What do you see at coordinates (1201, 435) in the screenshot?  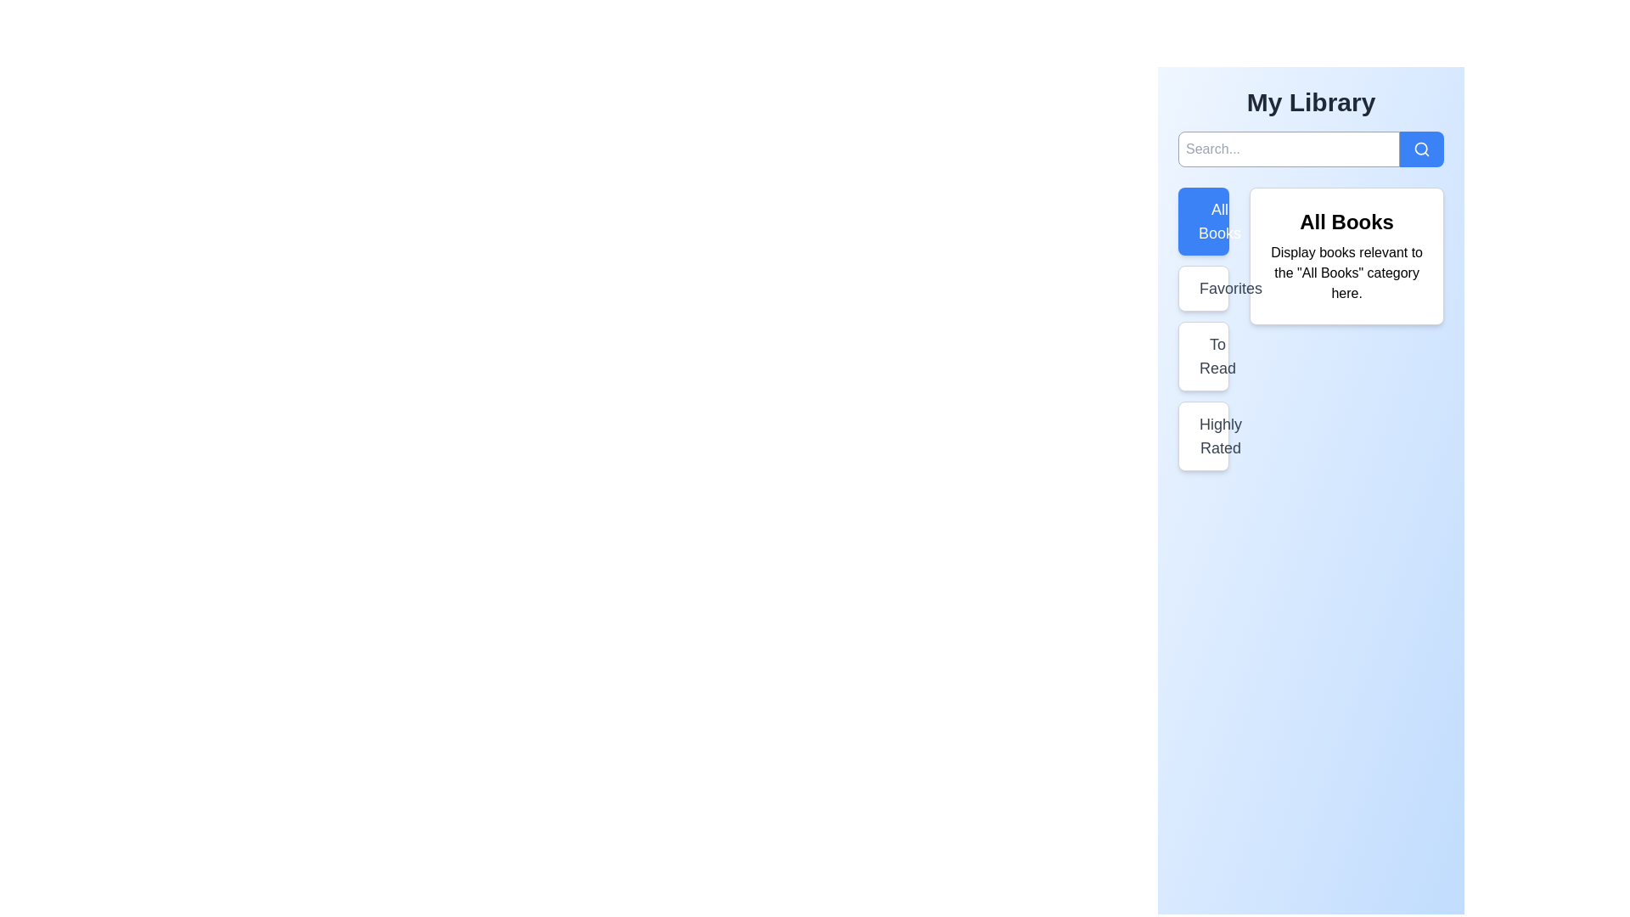 I see `the star icon representing the 'Highly Rated' category in the vertical menu` at bounding box center [1201, 435].